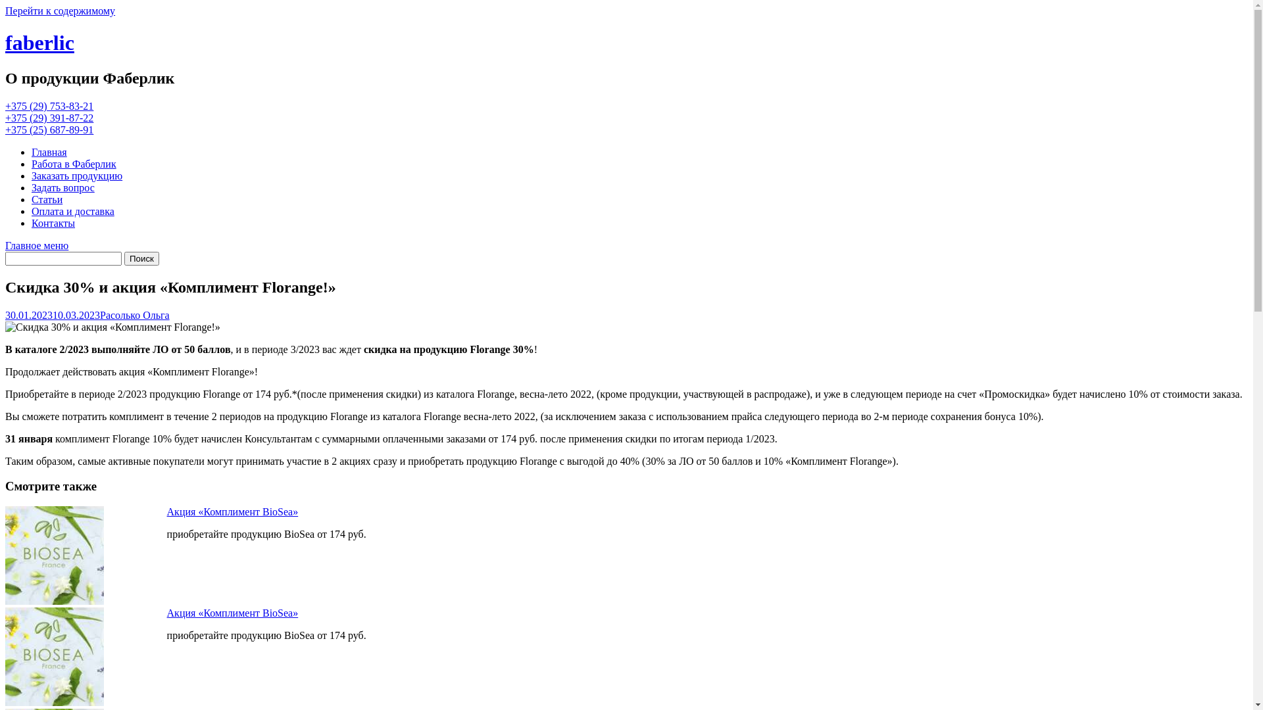 The height and width of the screenshot is (710, 1263). I want to click on '+375 (29) 753-83-21', so click(49, 105).